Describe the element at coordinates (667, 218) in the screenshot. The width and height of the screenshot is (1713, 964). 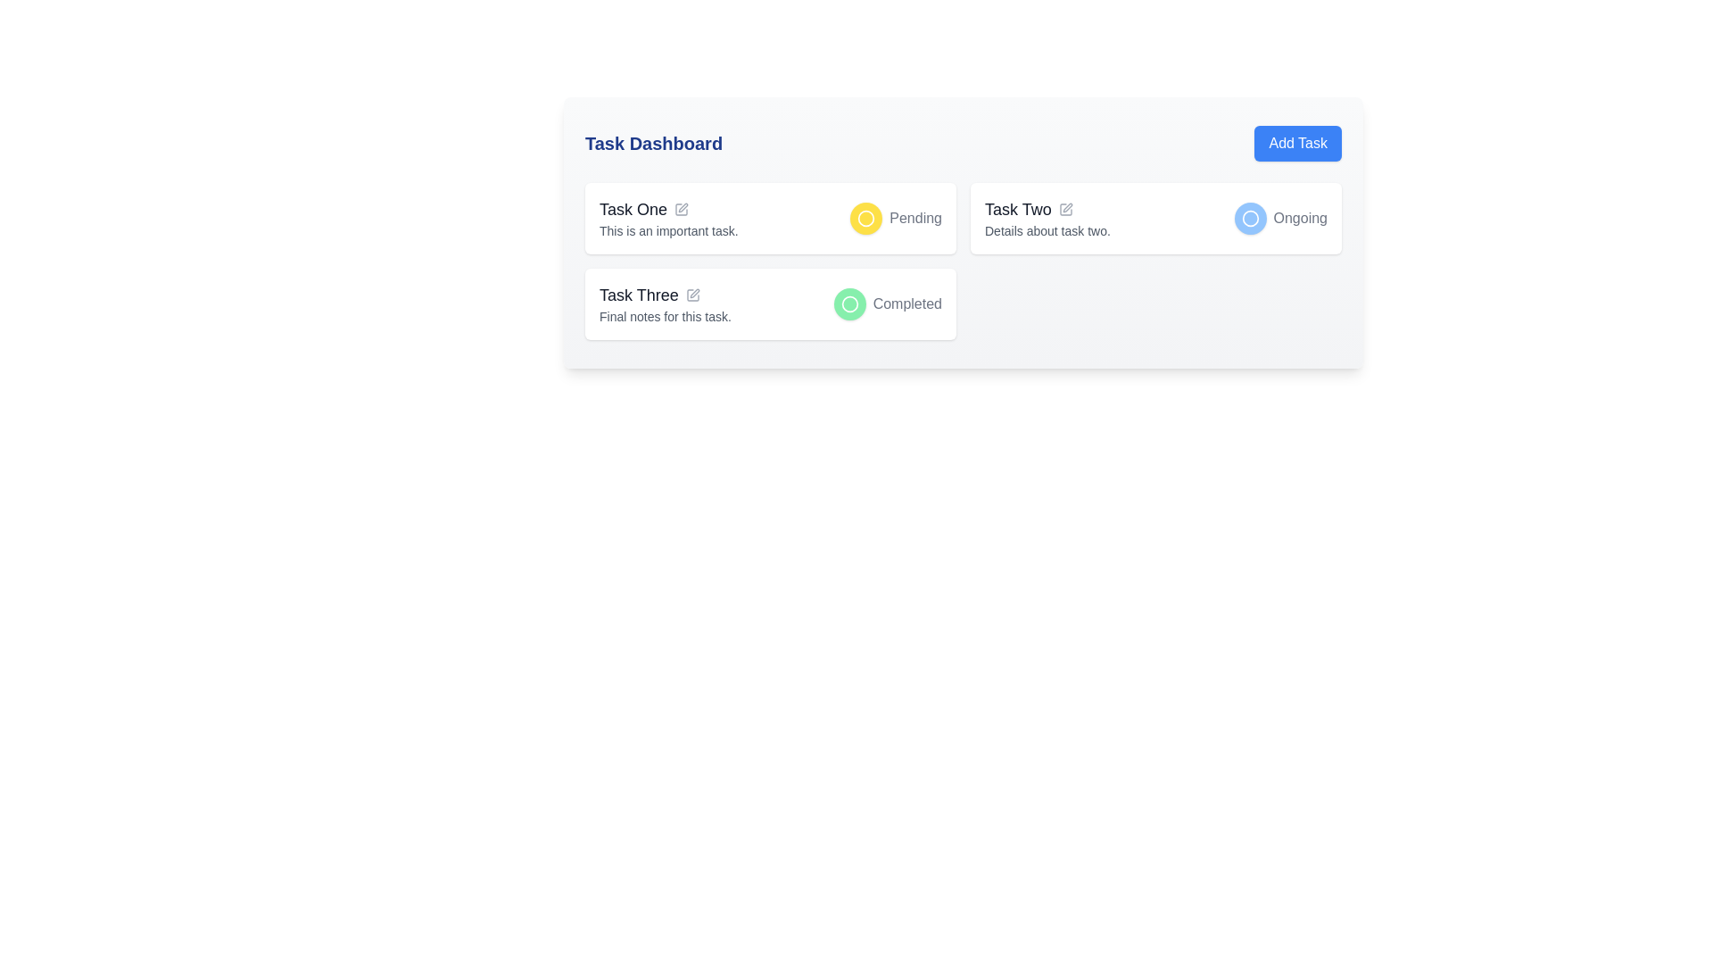
I see `description of the task titled 'Task One' which states 'This is an important task.' by clicking on the interactive component that includes the title, description, and edit icon` at that location.